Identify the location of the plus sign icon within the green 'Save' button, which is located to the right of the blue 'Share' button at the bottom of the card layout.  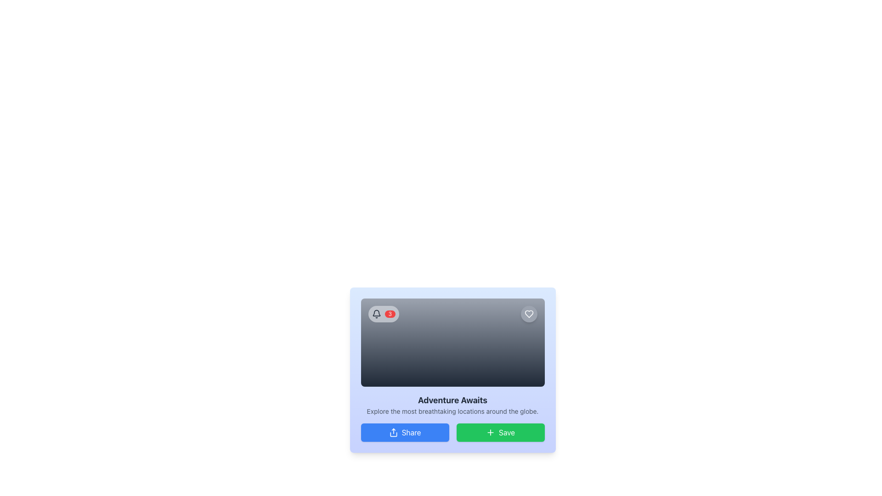
(490, 432).